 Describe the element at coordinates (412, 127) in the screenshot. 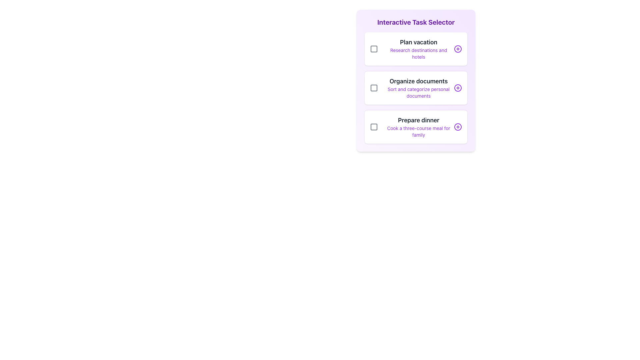

I see `the List Item with Checkbox that has the title 'Prepare dinner' and the description 'Cook a three-course meal for family'` at that location.